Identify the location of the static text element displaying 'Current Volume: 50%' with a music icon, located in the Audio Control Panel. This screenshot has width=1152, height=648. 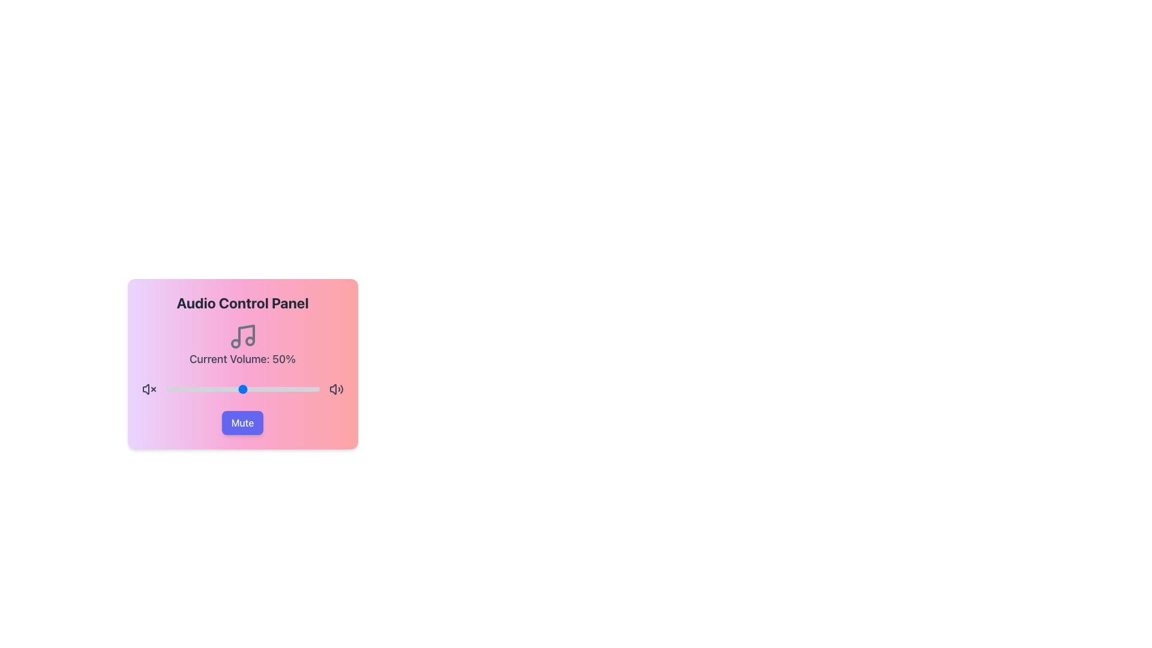
(242, 344).